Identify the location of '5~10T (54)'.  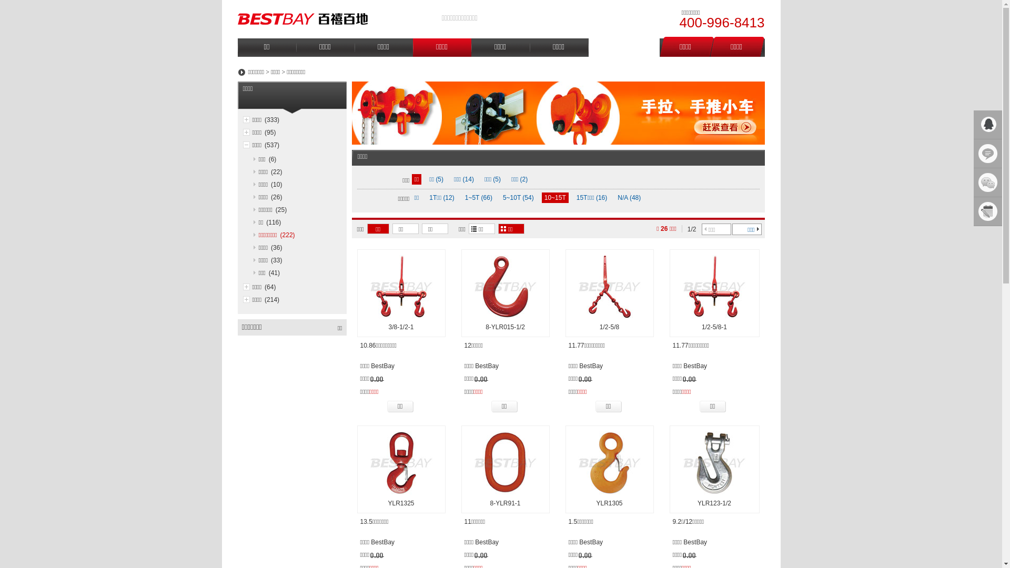
(518, 197).